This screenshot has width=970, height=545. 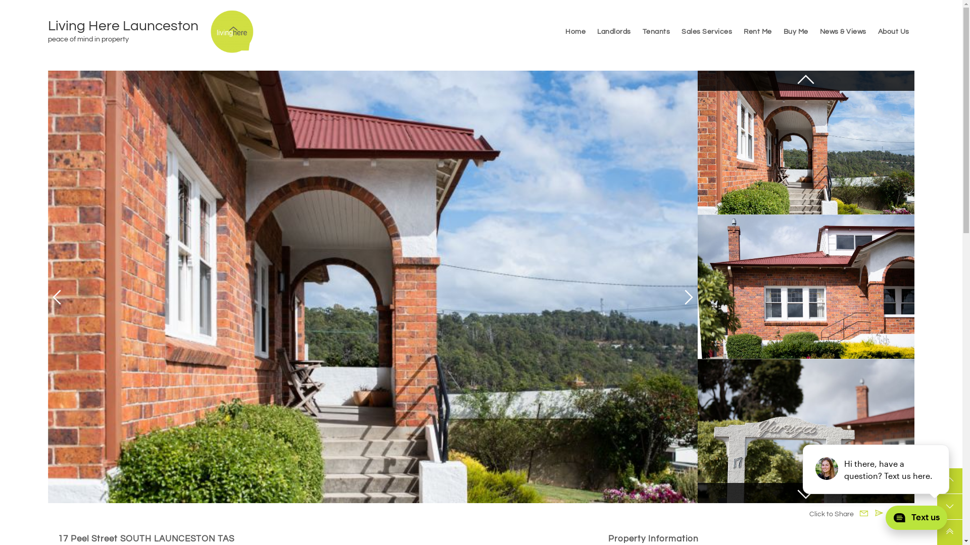 What do you see at coordinates (878, 513) in the screenshot?
I see `'Email to Friend'` at bounding box center [878, 513].